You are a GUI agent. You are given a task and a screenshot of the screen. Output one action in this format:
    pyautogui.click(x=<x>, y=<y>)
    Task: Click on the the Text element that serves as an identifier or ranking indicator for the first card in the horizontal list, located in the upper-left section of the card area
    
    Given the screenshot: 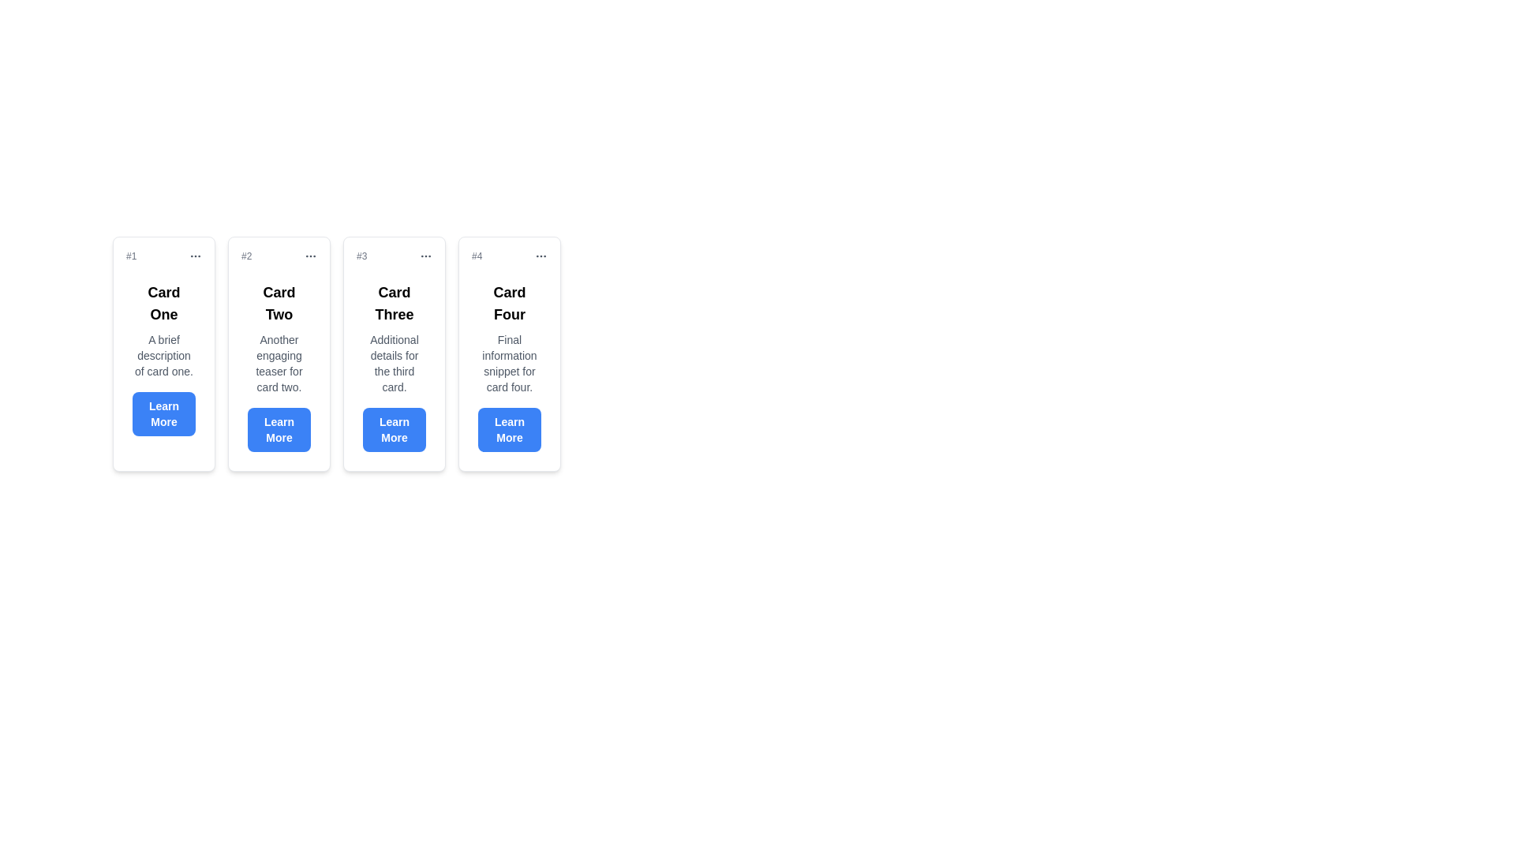 What is the action you would take?
    pyautogui.click(x=131, y=255)
    